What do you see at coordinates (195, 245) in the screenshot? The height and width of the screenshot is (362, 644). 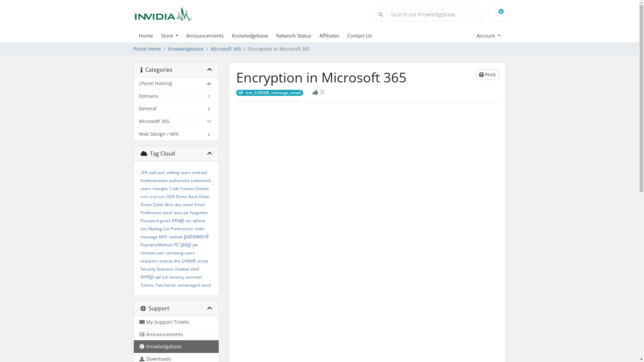 I see `'ptr'` at bounding box center [195, 245].